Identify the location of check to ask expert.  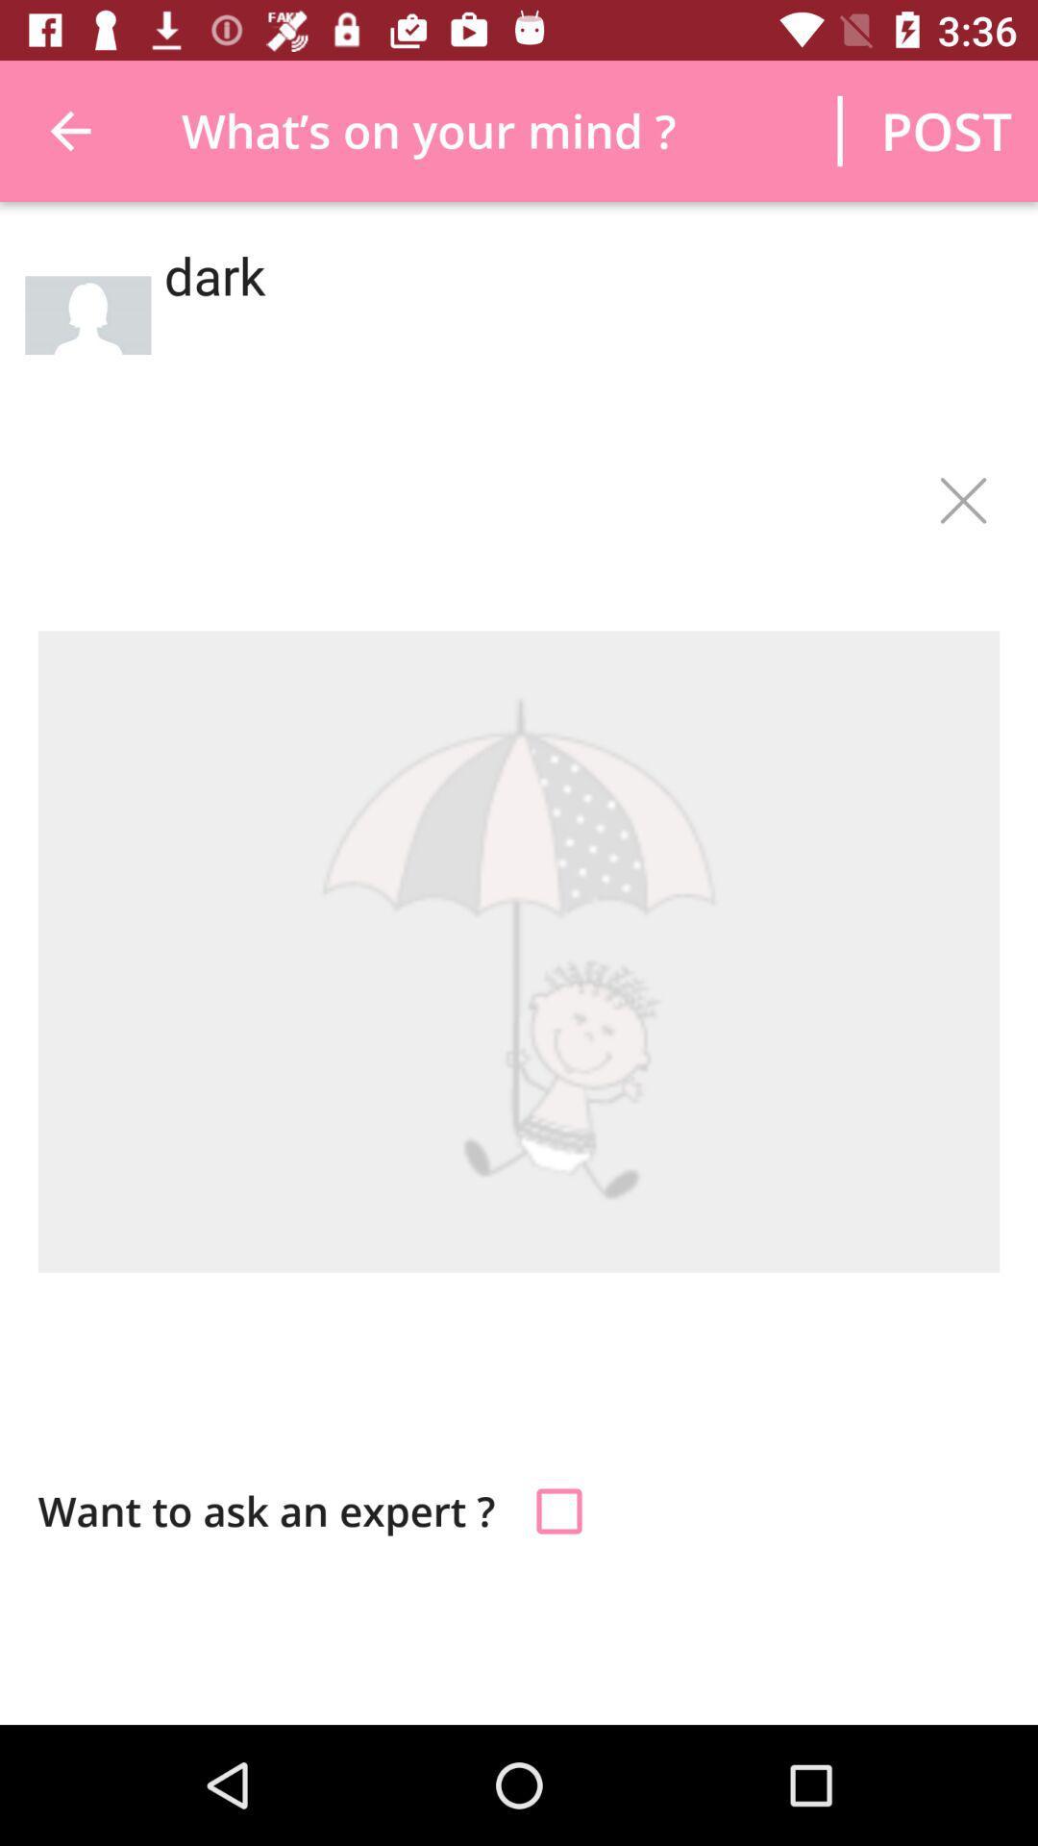
(559, 1509).